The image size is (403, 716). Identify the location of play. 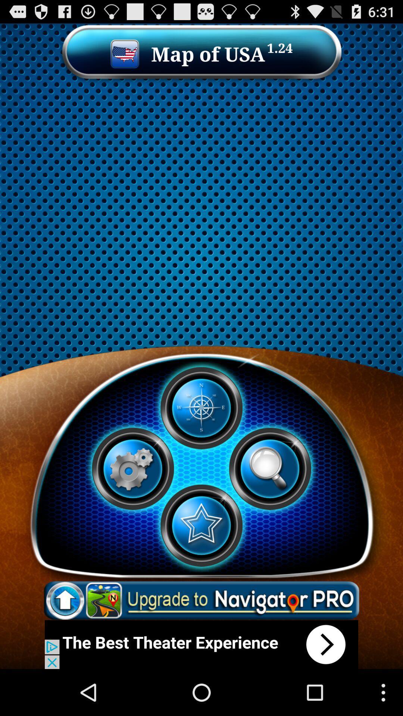
(270, 468).